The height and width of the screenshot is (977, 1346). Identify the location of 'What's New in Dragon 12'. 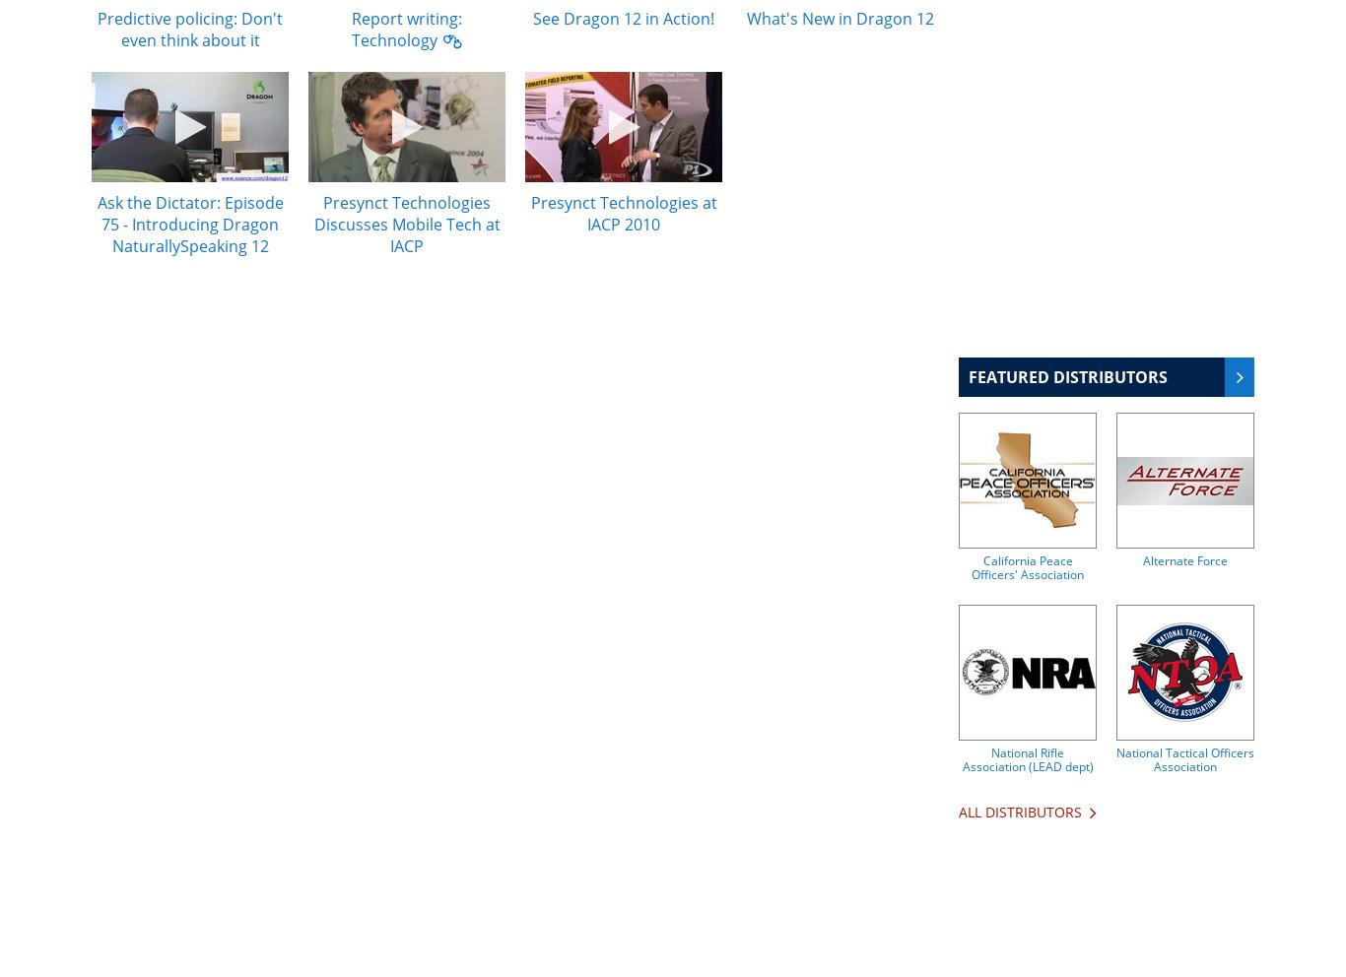
(840, 18).